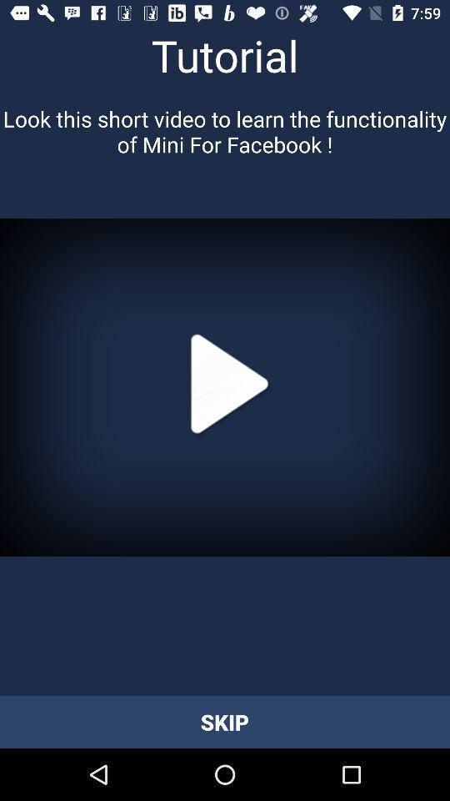 The image size is (450, 801). Describe the element at coordinates (225, 721) in the screenshot. I see `skip item` at that location.